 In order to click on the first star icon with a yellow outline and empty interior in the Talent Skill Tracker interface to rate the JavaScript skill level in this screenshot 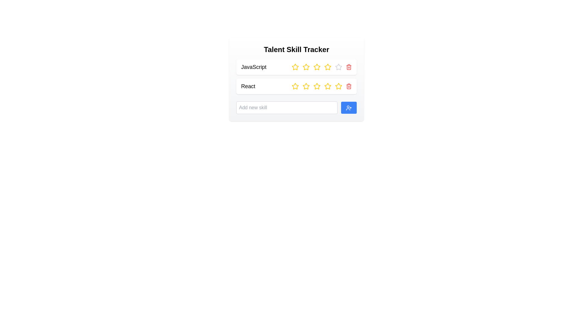, I will do `click(295, 67)`.